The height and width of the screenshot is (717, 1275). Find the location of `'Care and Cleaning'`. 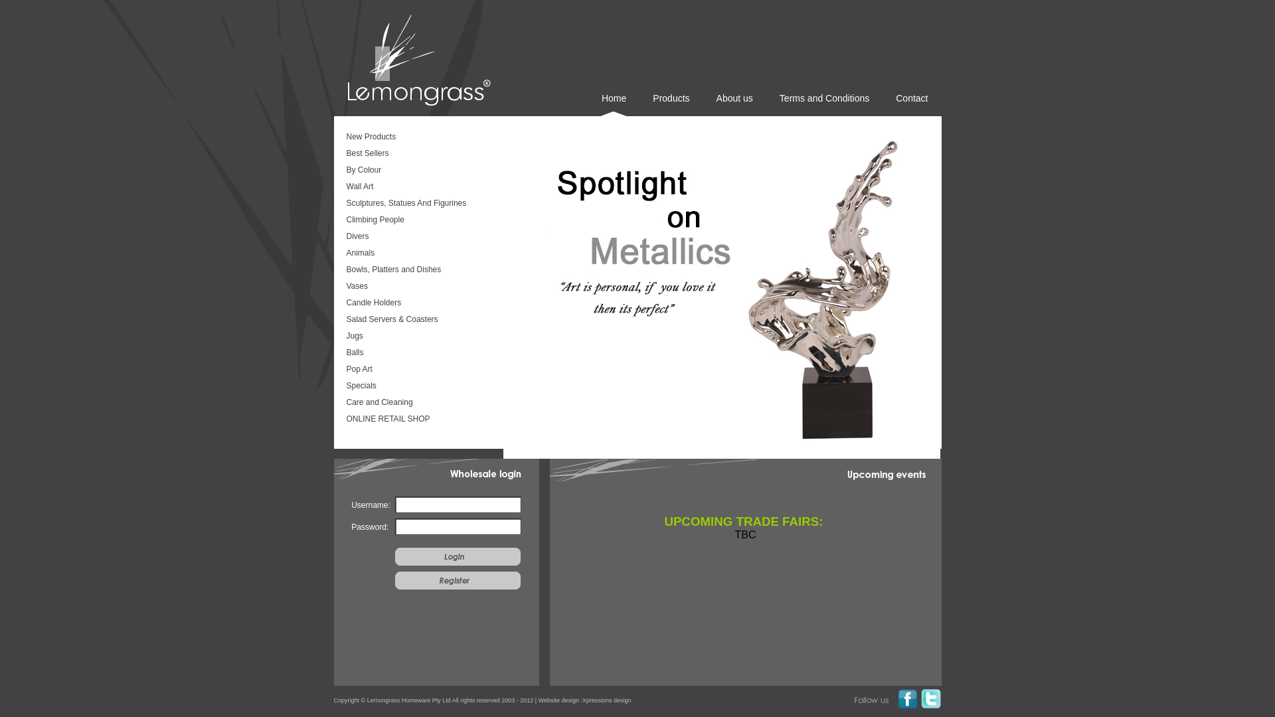

'Care and Cleaning' is located at coordinates (416, 403).